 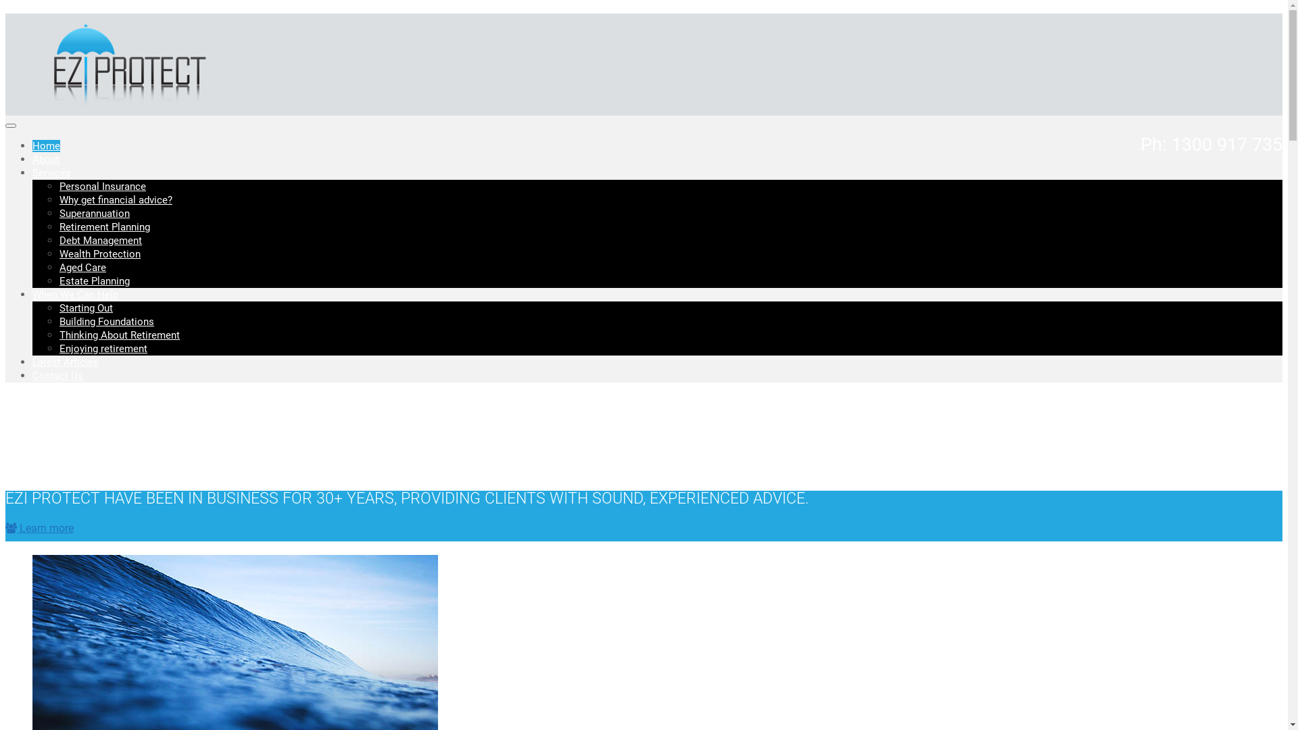 I want to click on 'Superannuation', so click(x=93, y=213).